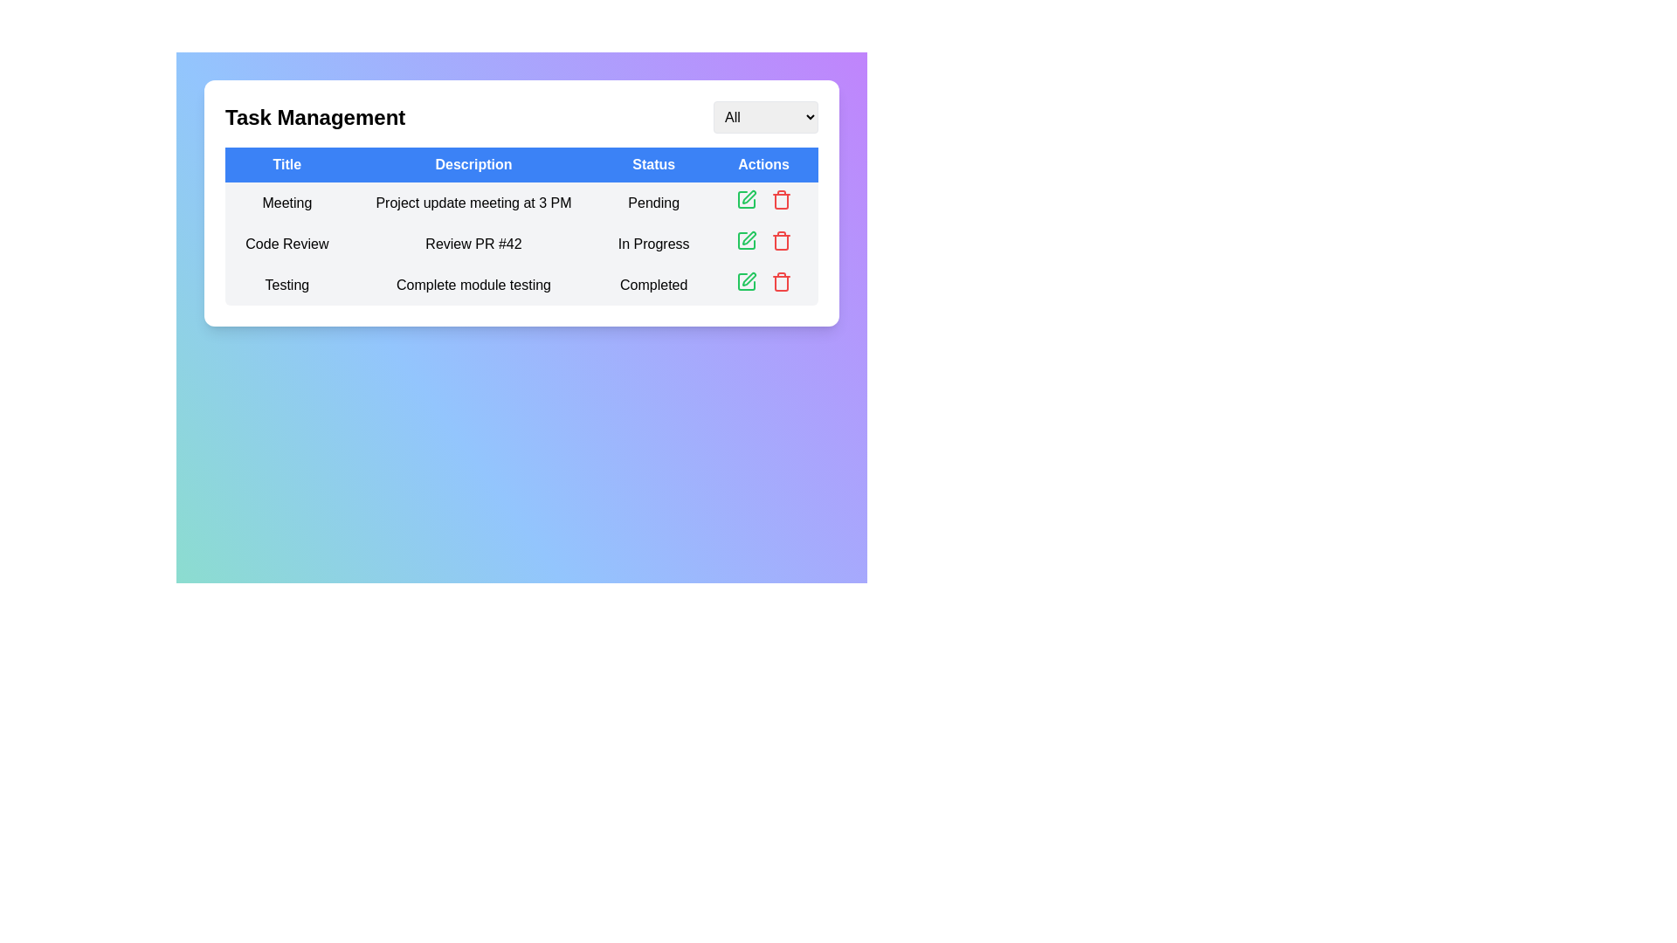  What do you see at coordinates (652, 202) in the screenshot?
I see `status text displayed in the first row of the 'Status' column, which is right-aligned to the 'Description' column and left-aligned to the 'Actions' column` at bounding box center [652, 202].